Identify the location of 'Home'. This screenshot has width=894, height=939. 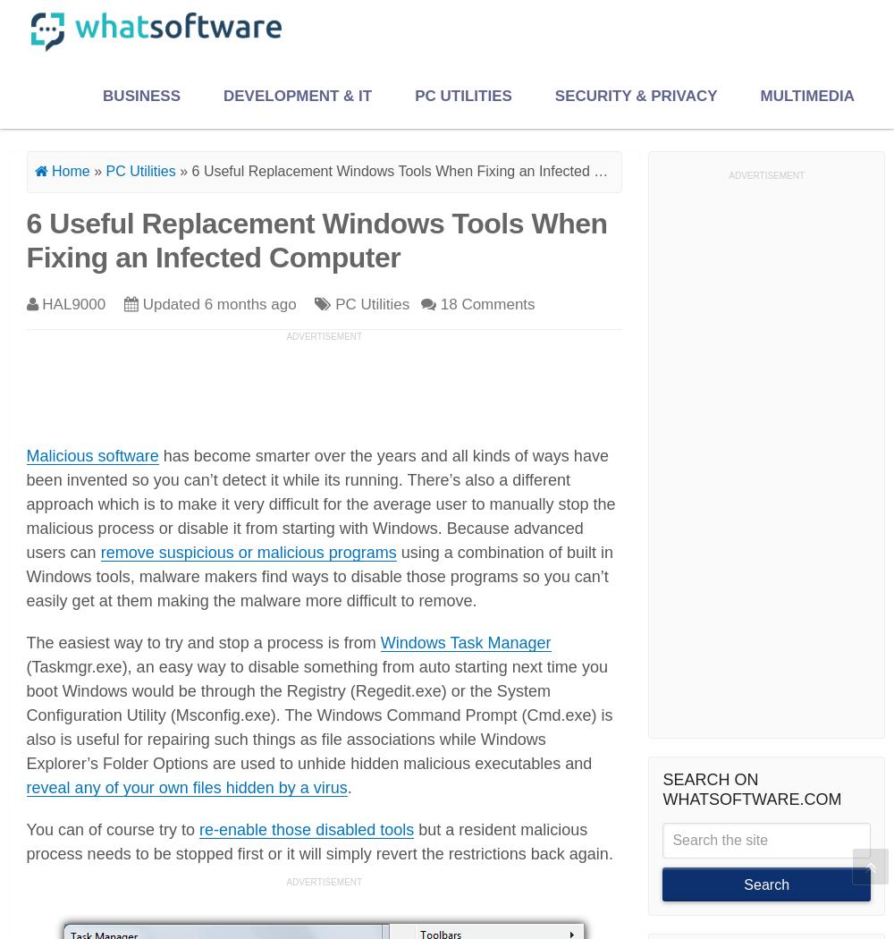
(47, 170).